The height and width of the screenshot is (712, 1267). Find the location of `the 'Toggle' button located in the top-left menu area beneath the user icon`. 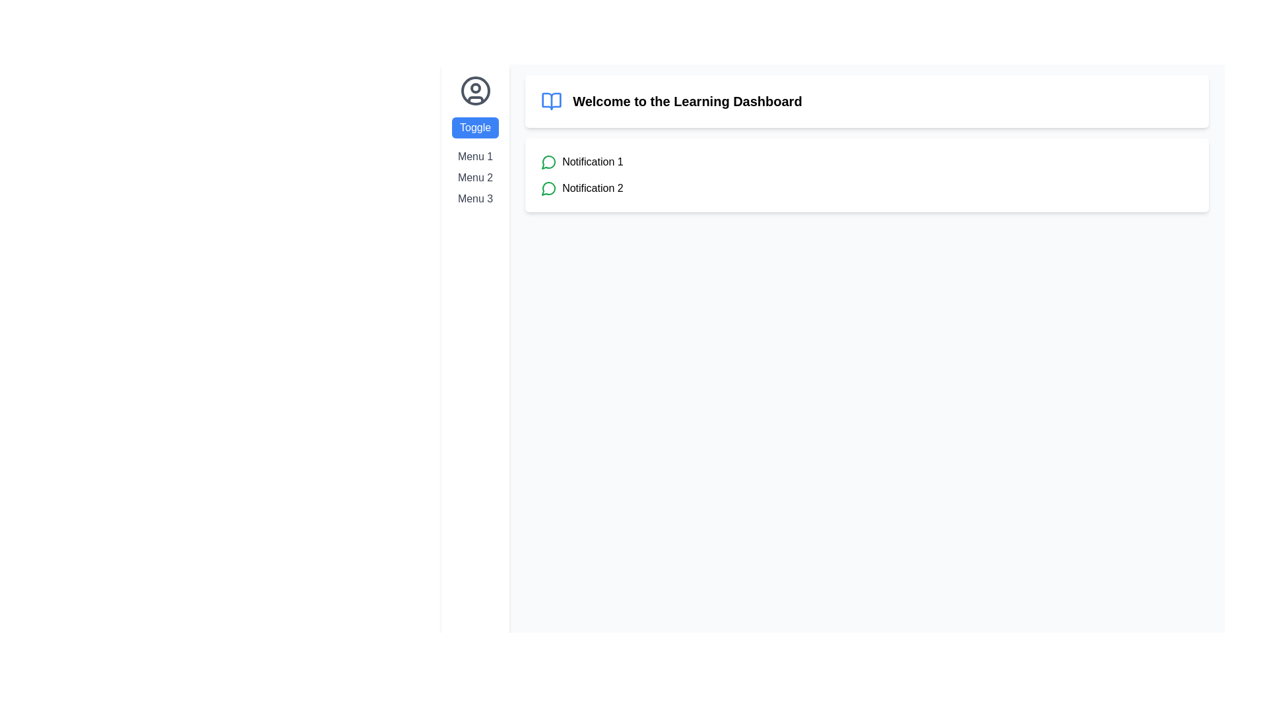

the 'Toggle' button located in the top-left menu area beneath the user icon is located at coordinates (475, 127).